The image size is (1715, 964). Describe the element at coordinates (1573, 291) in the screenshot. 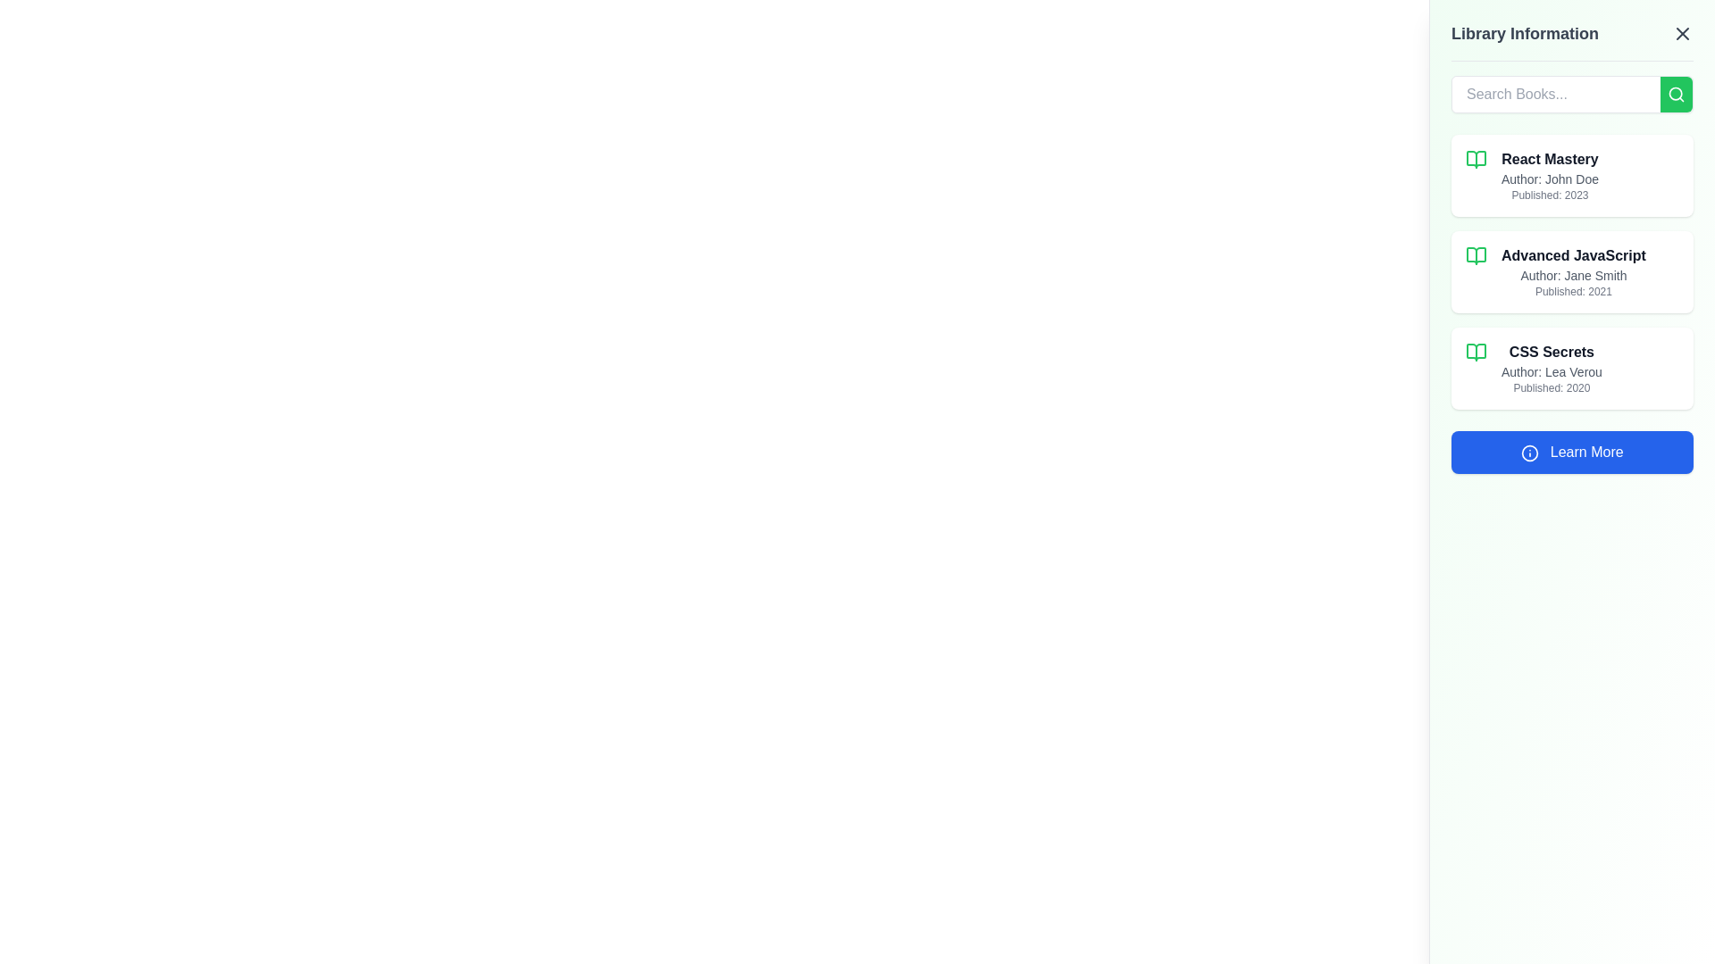

I see `the static text label that displays the publication year of the book 'Advanced JavaScript', located beneath the author's name 'Jane Smith'` at that location.